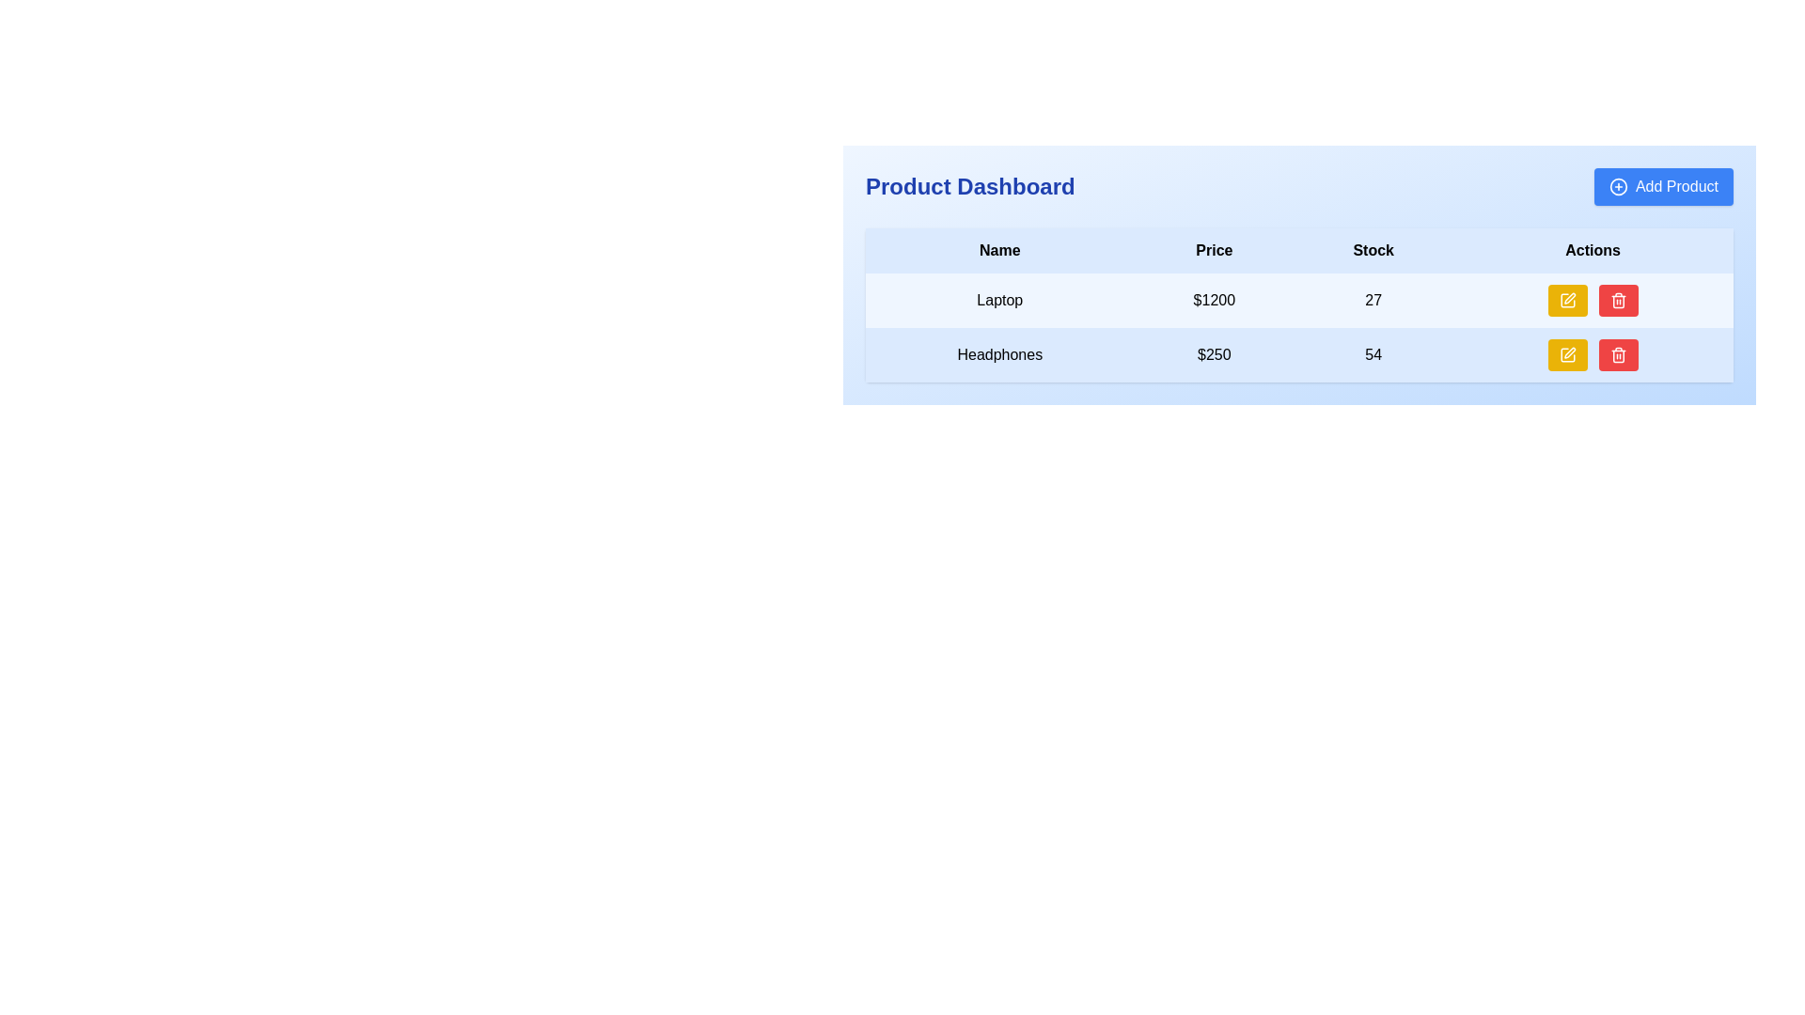 The height and width of the screenshot is (1015, 1805). Describe the element at coordinates (1617, 301) in the screenshot. I see `the main rectangle of the trash can icon, which represents the delete function in the Actions column of the table` at that location.